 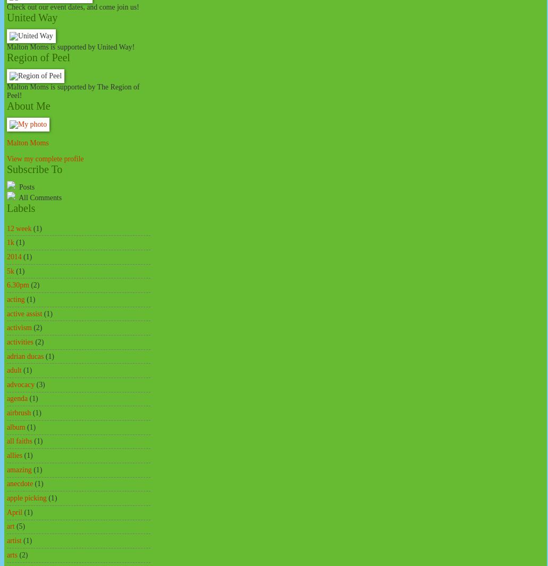 I want to click on 'Malton Moms is supported by United Way!', so click(x=6, y=47).